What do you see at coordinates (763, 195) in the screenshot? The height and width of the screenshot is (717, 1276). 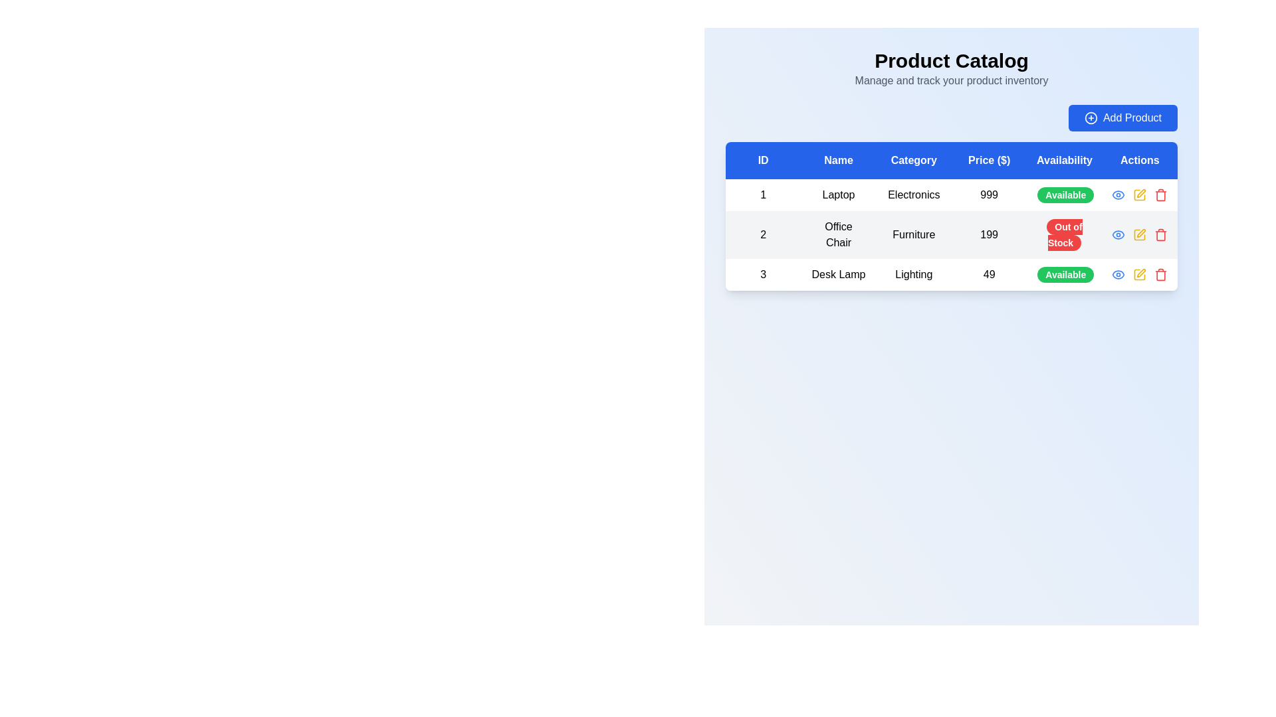 I see `the text element displaying the number '1' located in the first column of the grid-based table under the 'ID' header` at bounding box center [763, 195].